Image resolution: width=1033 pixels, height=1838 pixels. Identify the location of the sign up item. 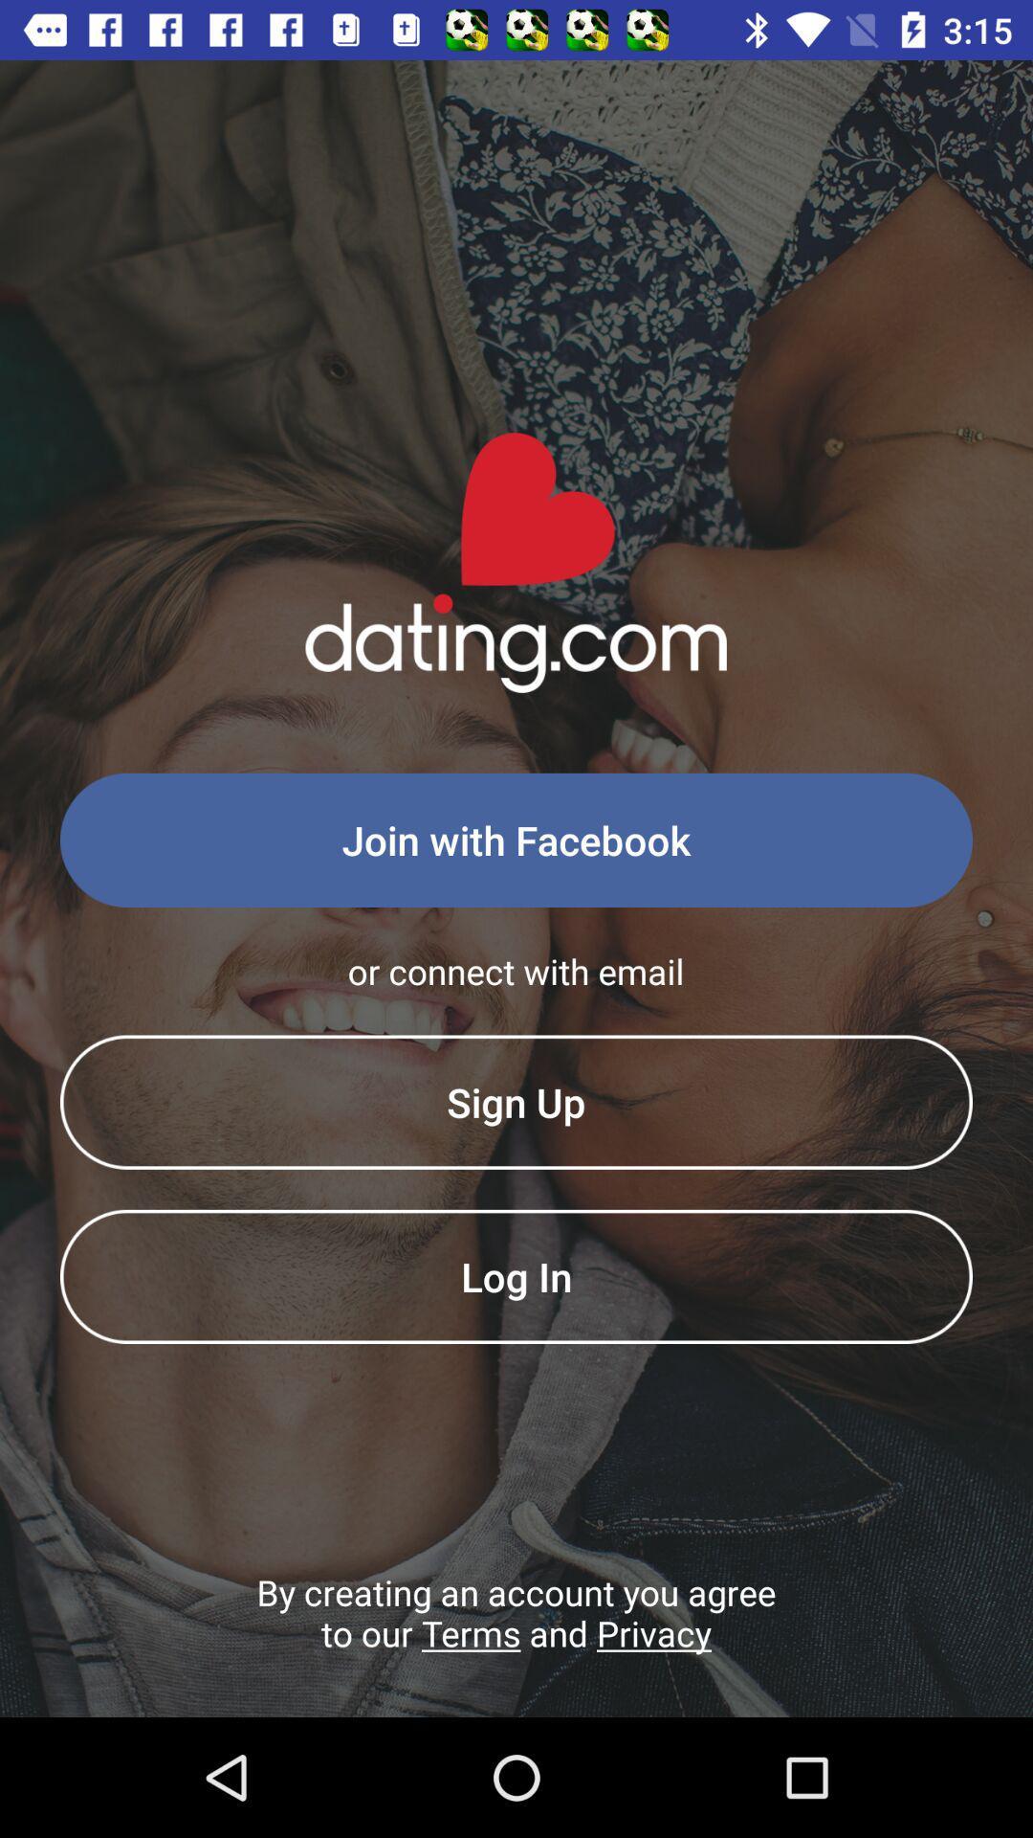
(516, 1102).